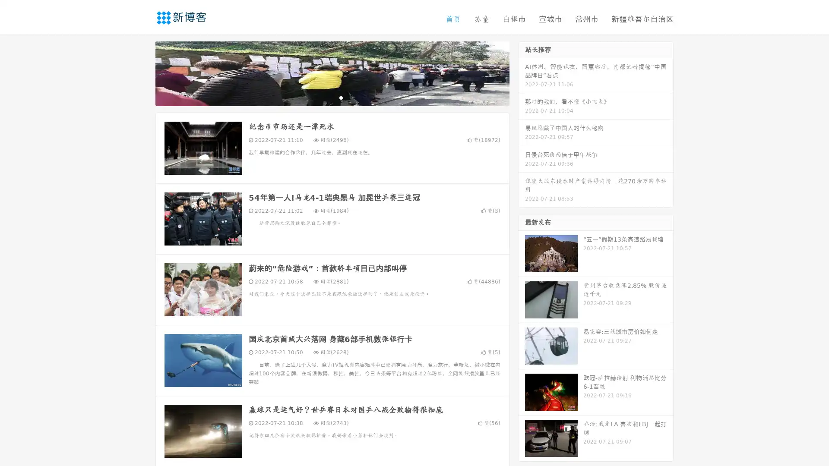 This screenshot has height=466, width=829. Describe the element at coordinates (341, 97) in the screenshot. I see `Go to slide 3` at that location.